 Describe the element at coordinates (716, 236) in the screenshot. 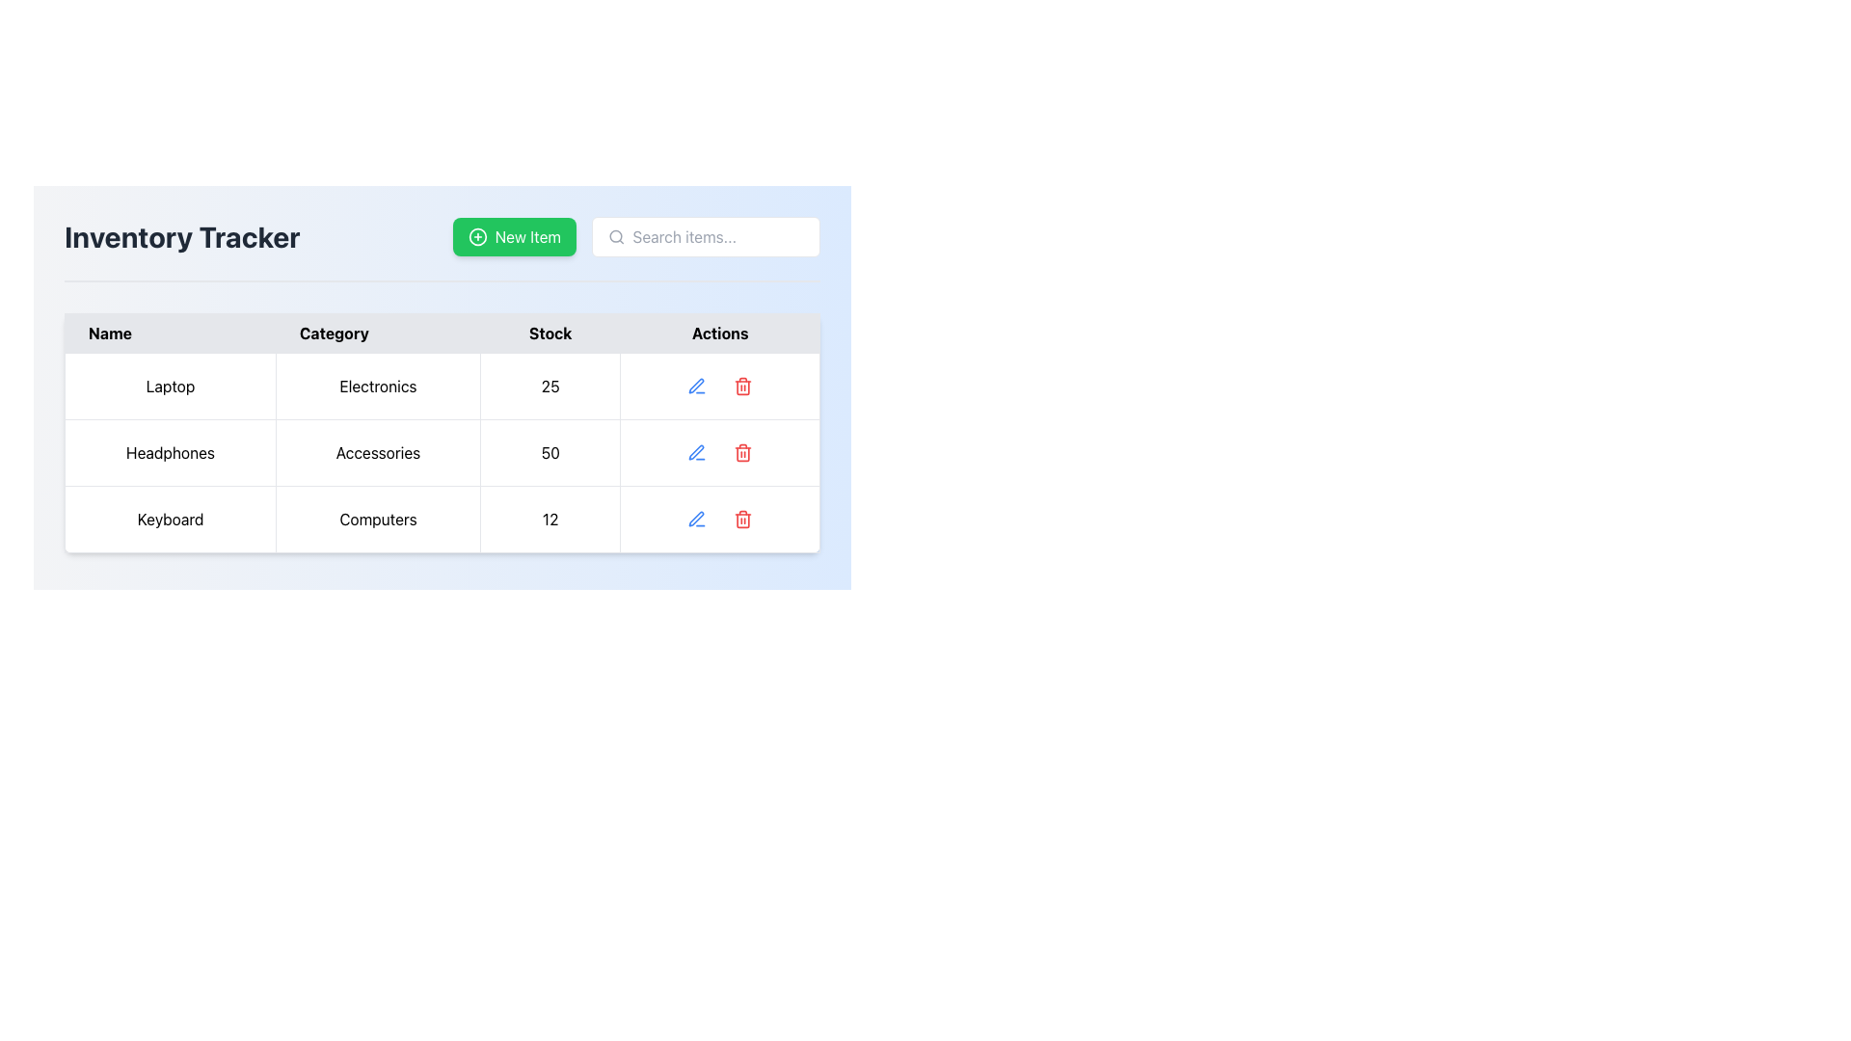

I see `the text input field located near the top right corner of the interface, adjacent to the magnifying glass icon` at that location.